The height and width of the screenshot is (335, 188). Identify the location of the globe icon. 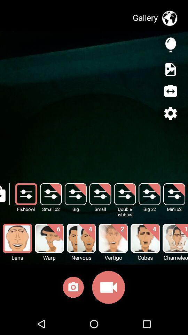
(169, 18).